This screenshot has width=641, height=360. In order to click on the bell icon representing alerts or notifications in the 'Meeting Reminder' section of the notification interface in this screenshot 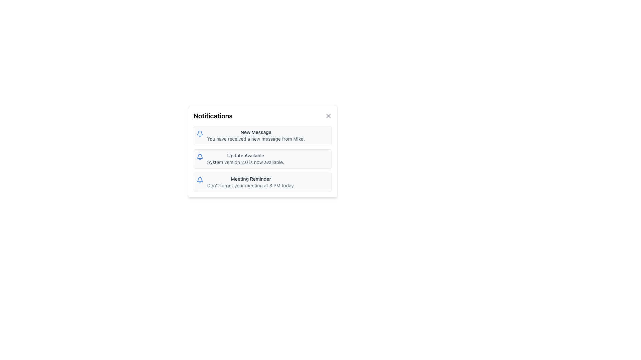, I will do `click(199, 180)`.